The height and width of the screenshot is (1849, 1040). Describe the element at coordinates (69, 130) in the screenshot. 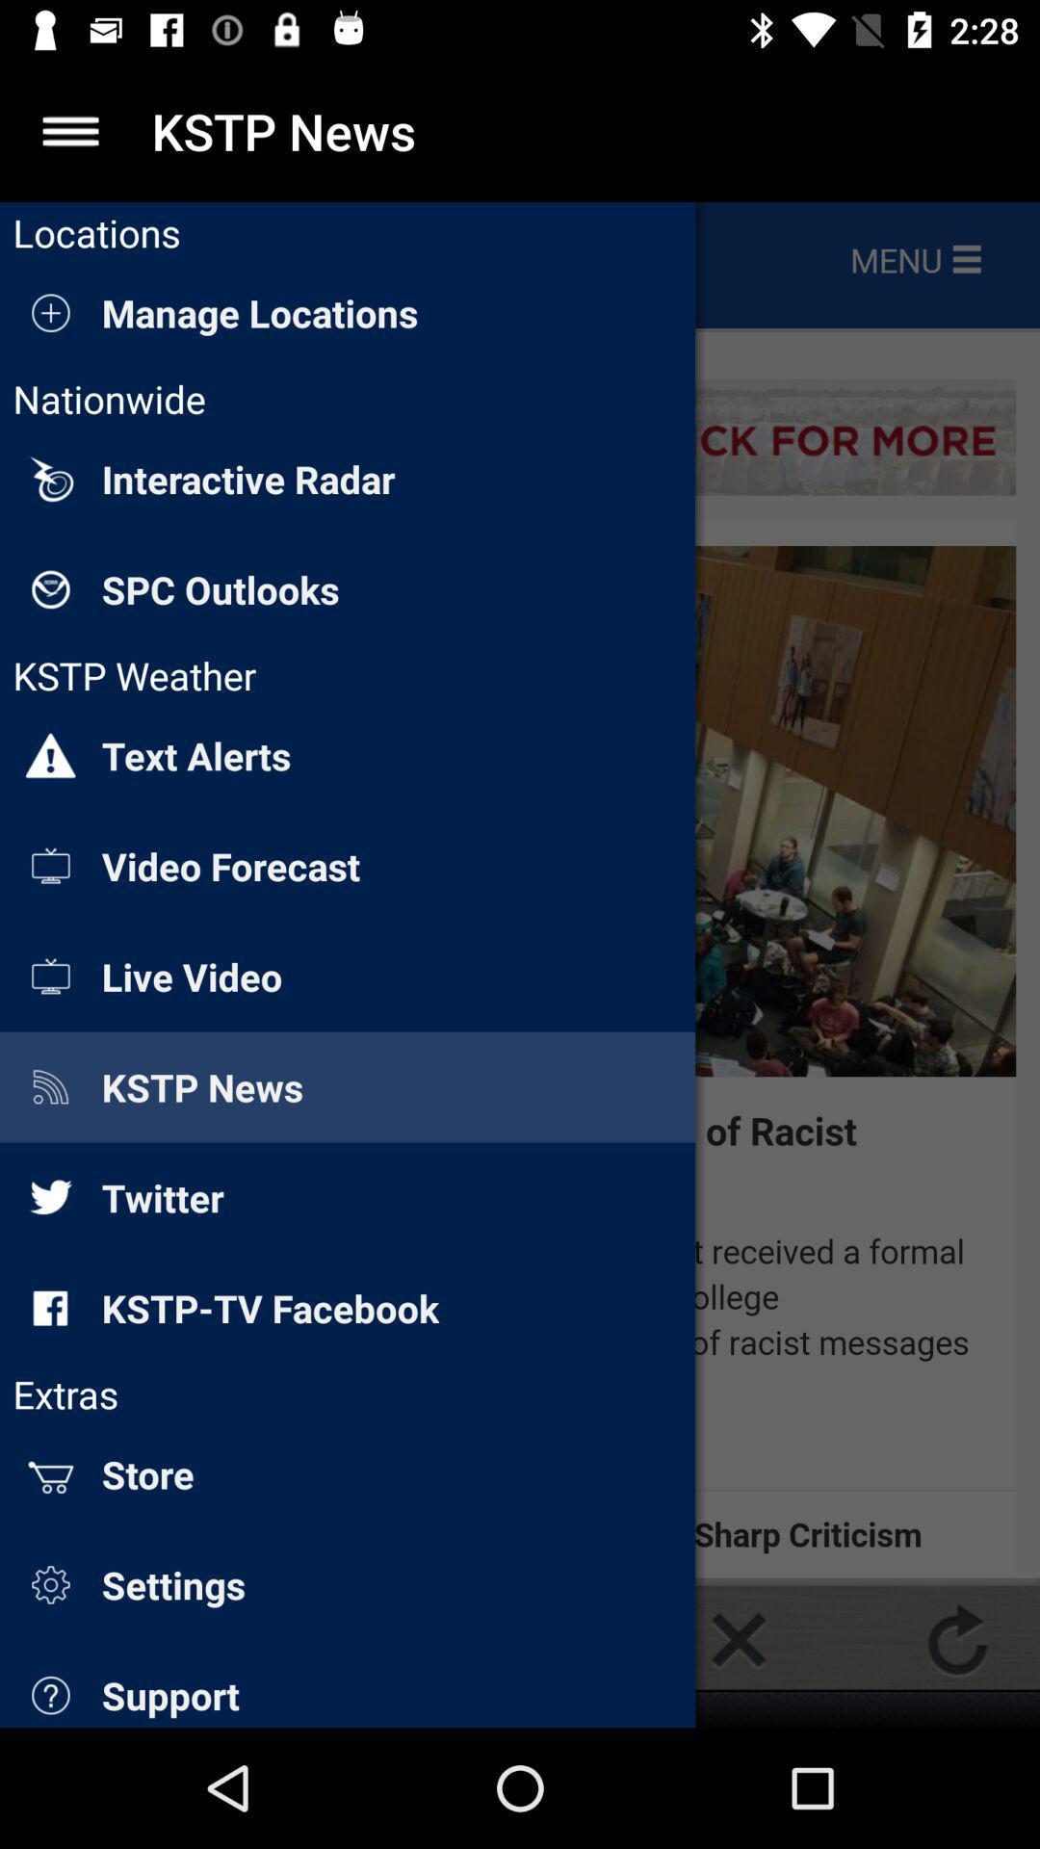

I see `the menu icon` at that location.